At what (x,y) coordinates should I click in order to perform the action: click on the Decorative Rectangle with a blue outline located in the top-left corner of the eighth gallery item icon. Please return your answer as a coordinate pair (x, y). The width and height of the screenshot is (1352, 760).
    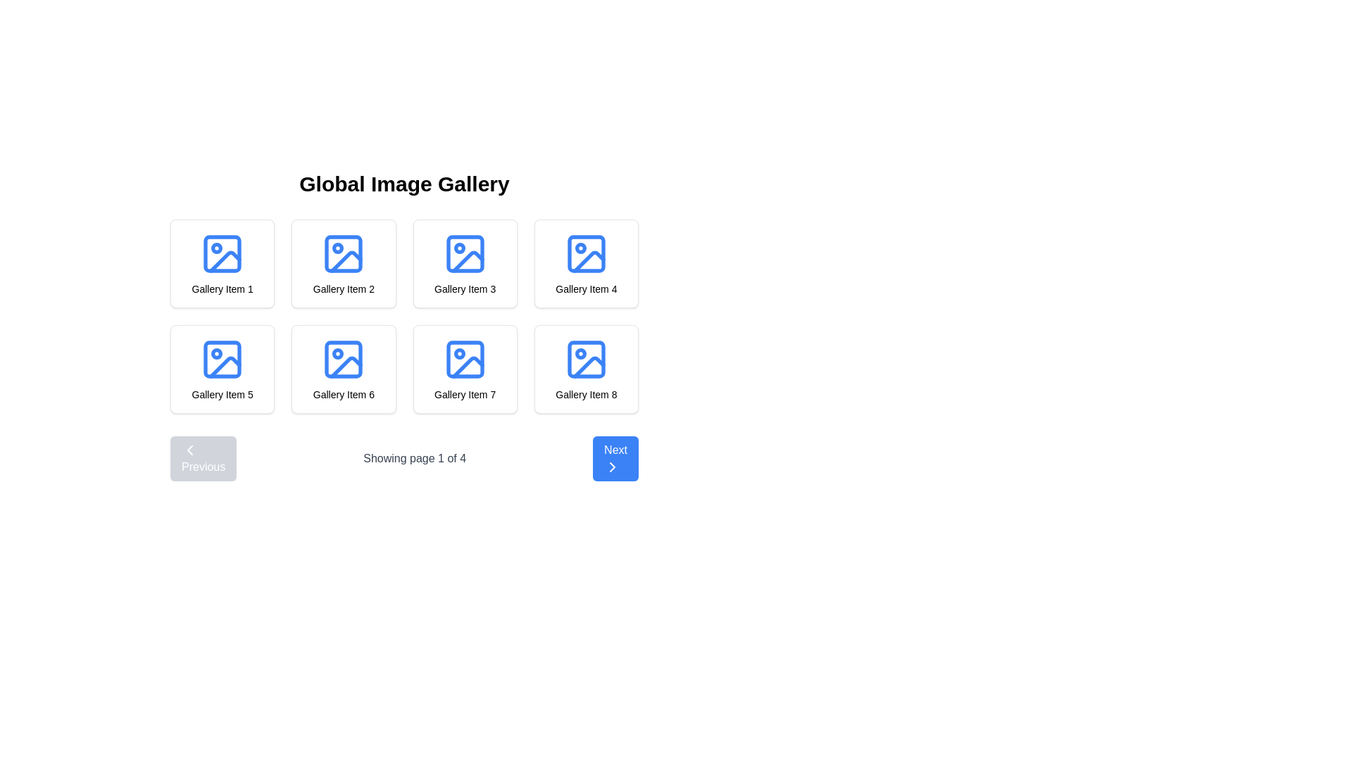
    Looking at the image, I should click on (586, 358).